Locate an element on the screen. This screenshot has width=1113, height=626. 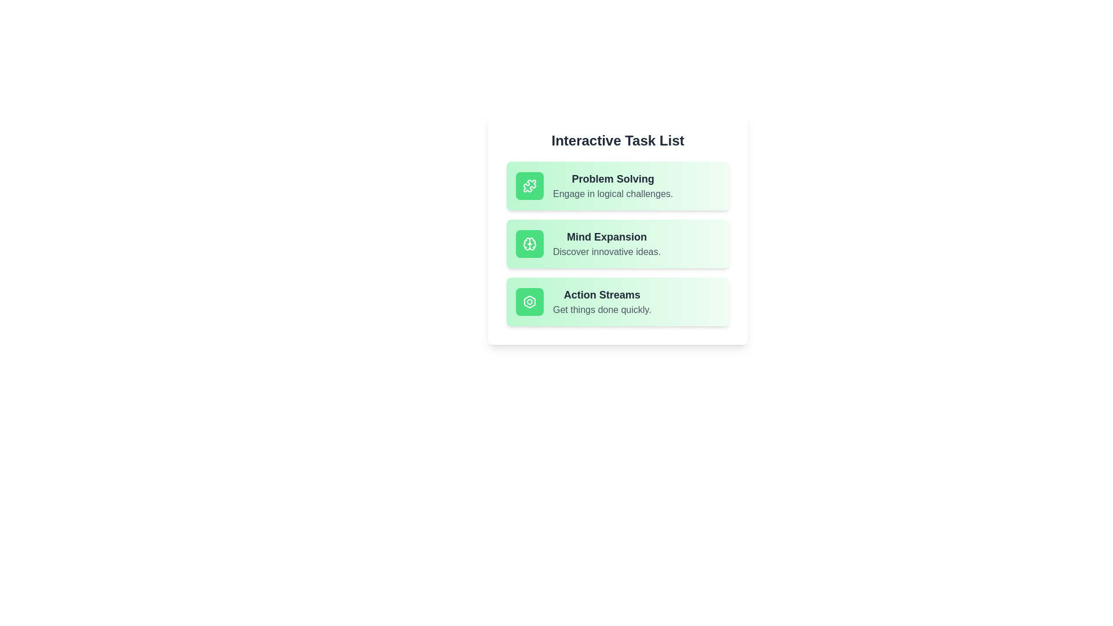
the icon associated with the Mind Expansion item is located at coordinates (529, 243).